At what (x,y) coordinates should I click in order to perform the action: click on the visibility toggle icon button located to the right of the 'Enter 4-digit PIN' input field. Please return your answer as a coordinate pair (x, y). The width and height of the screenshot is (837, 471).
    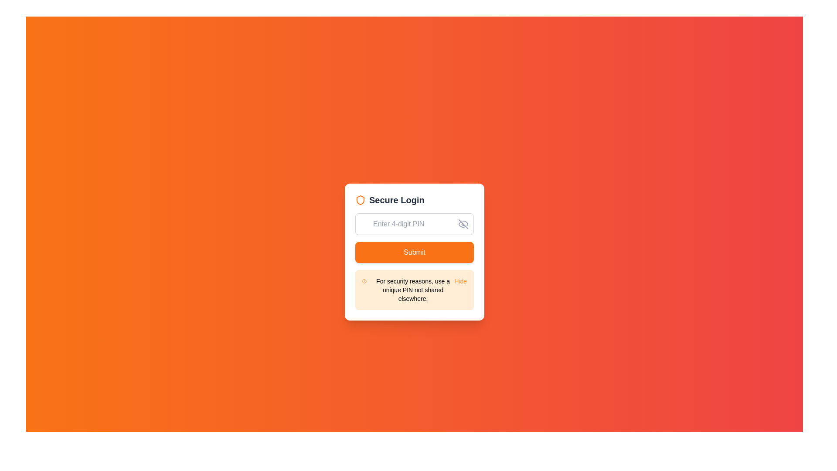
    Looking at the image, I should click on (463, 223).